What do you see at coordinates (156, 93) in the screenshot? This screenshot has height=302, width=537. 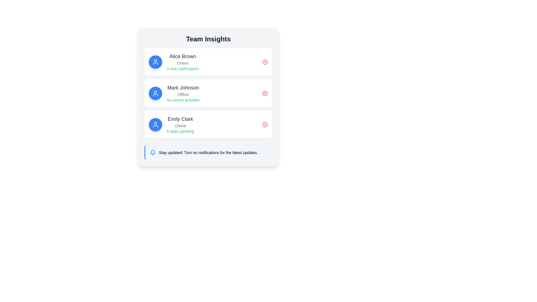 I see `the circular button with a blue background and a white user icon representing the user avatar for 'Mark Johnson' in the 'Team Insights' section` at bounding box center [156, 93].